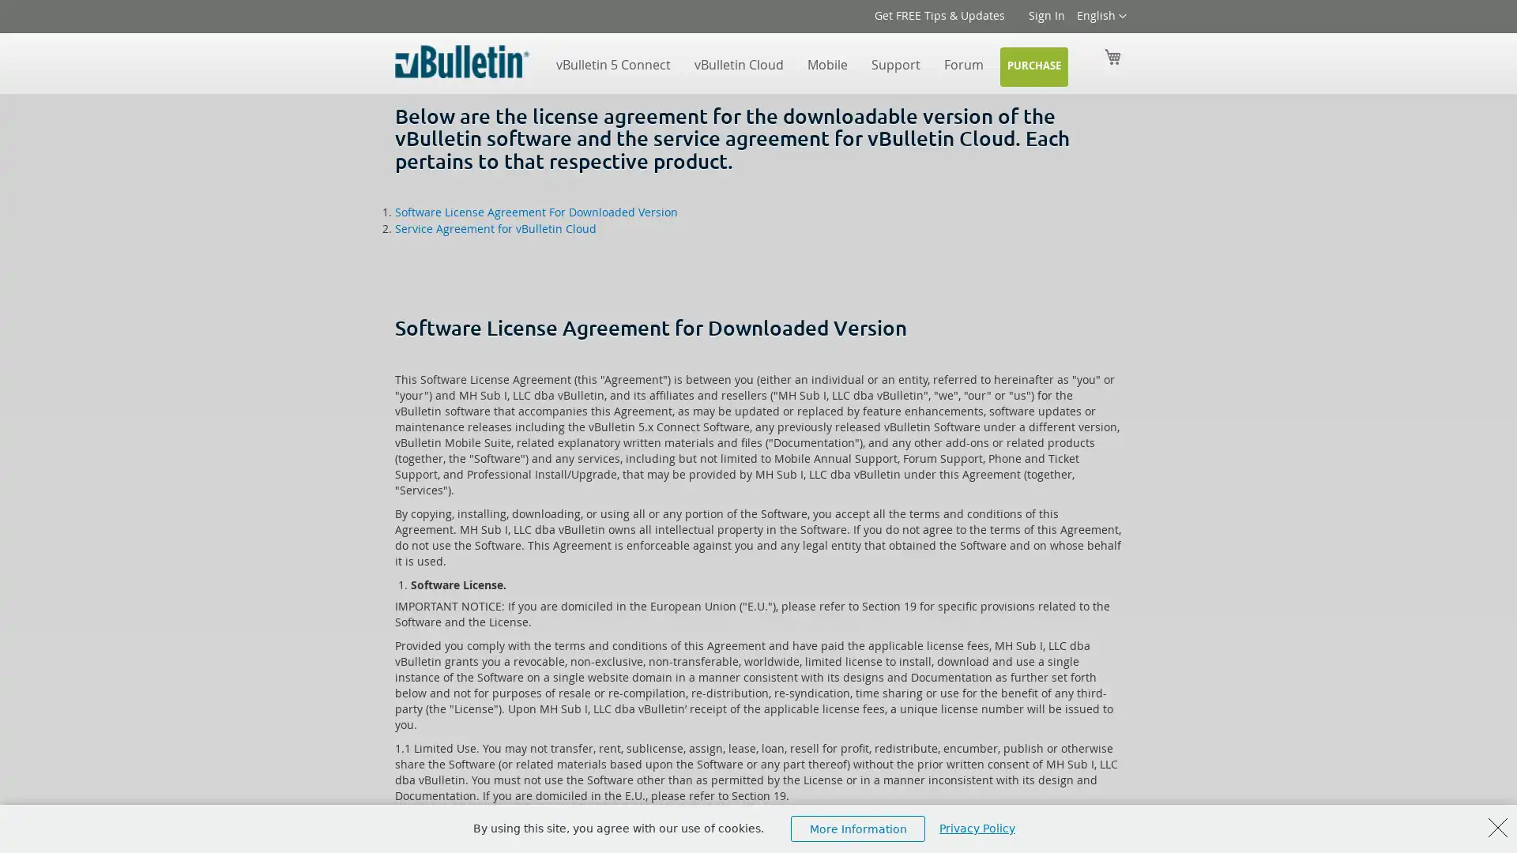 This screenshot has width=1517, height=853. What do you see at coordinates (1497, 827) in the screenshot?
I see `WebMD Close` at bounding box center [1497, 827].